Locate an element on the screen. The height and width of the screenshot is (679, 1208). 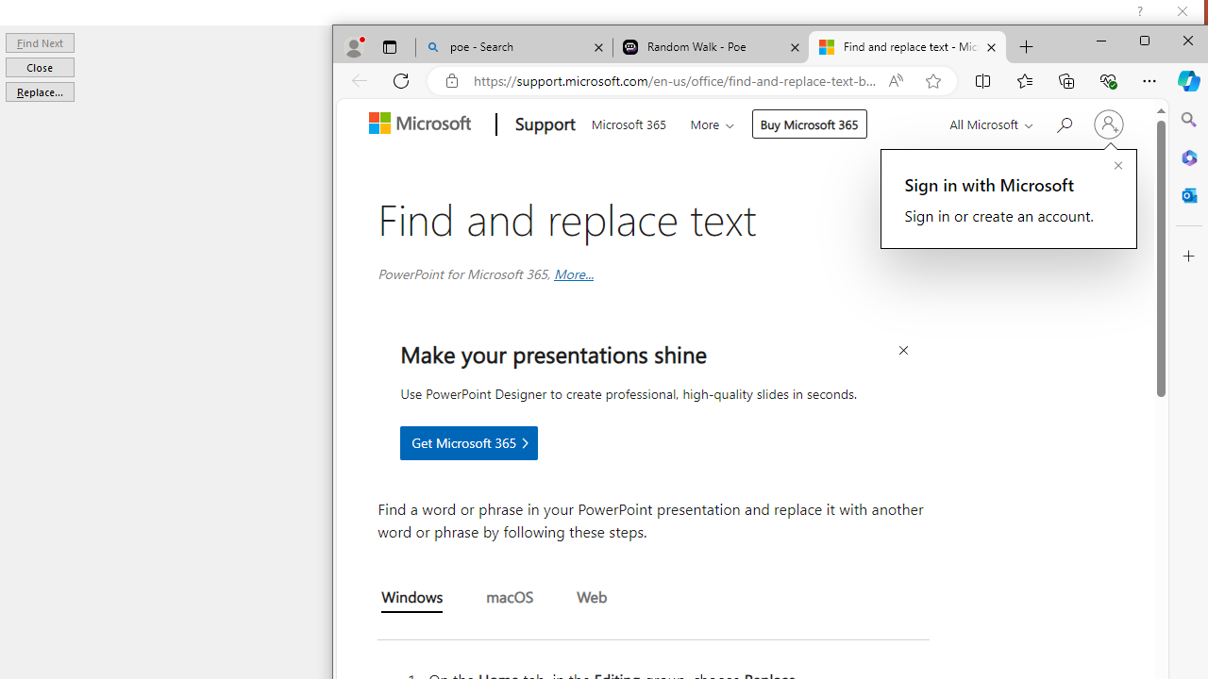
'Settings and more (Alt+F)' is located at coordinates (1148, 80).